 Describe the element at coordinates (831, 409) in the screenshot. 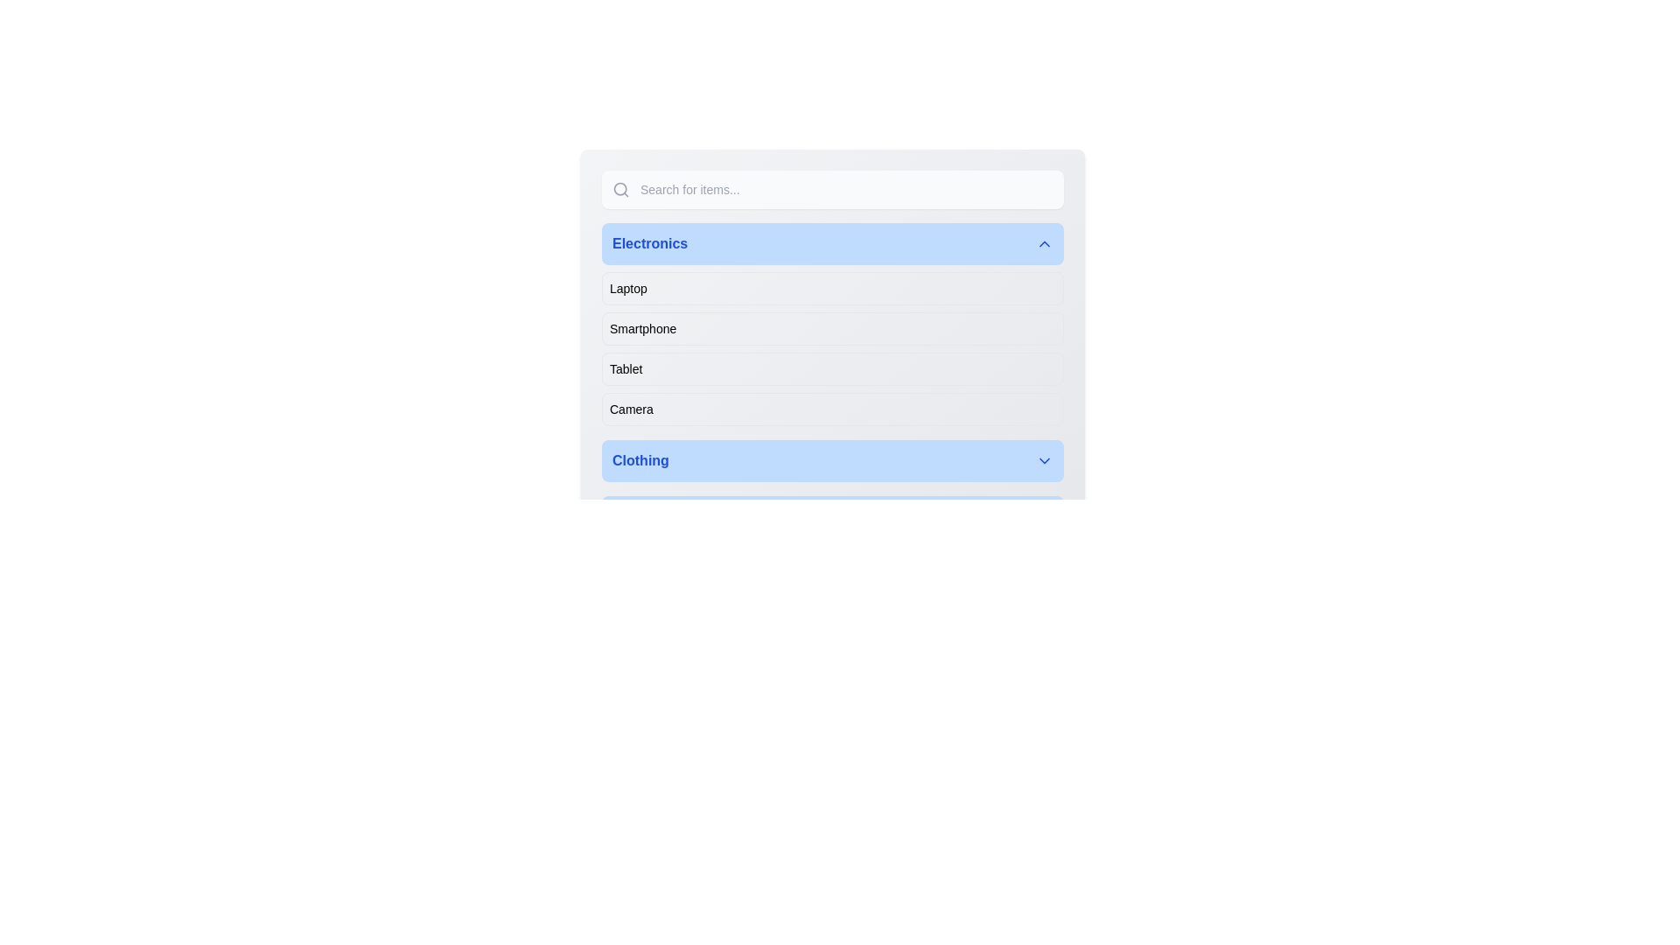

I see `the 'Camera' button, which is a rectangular button with rounded corners and a light background, located in the 'Electronics' section, fourth in a vertical list of options` at that location.